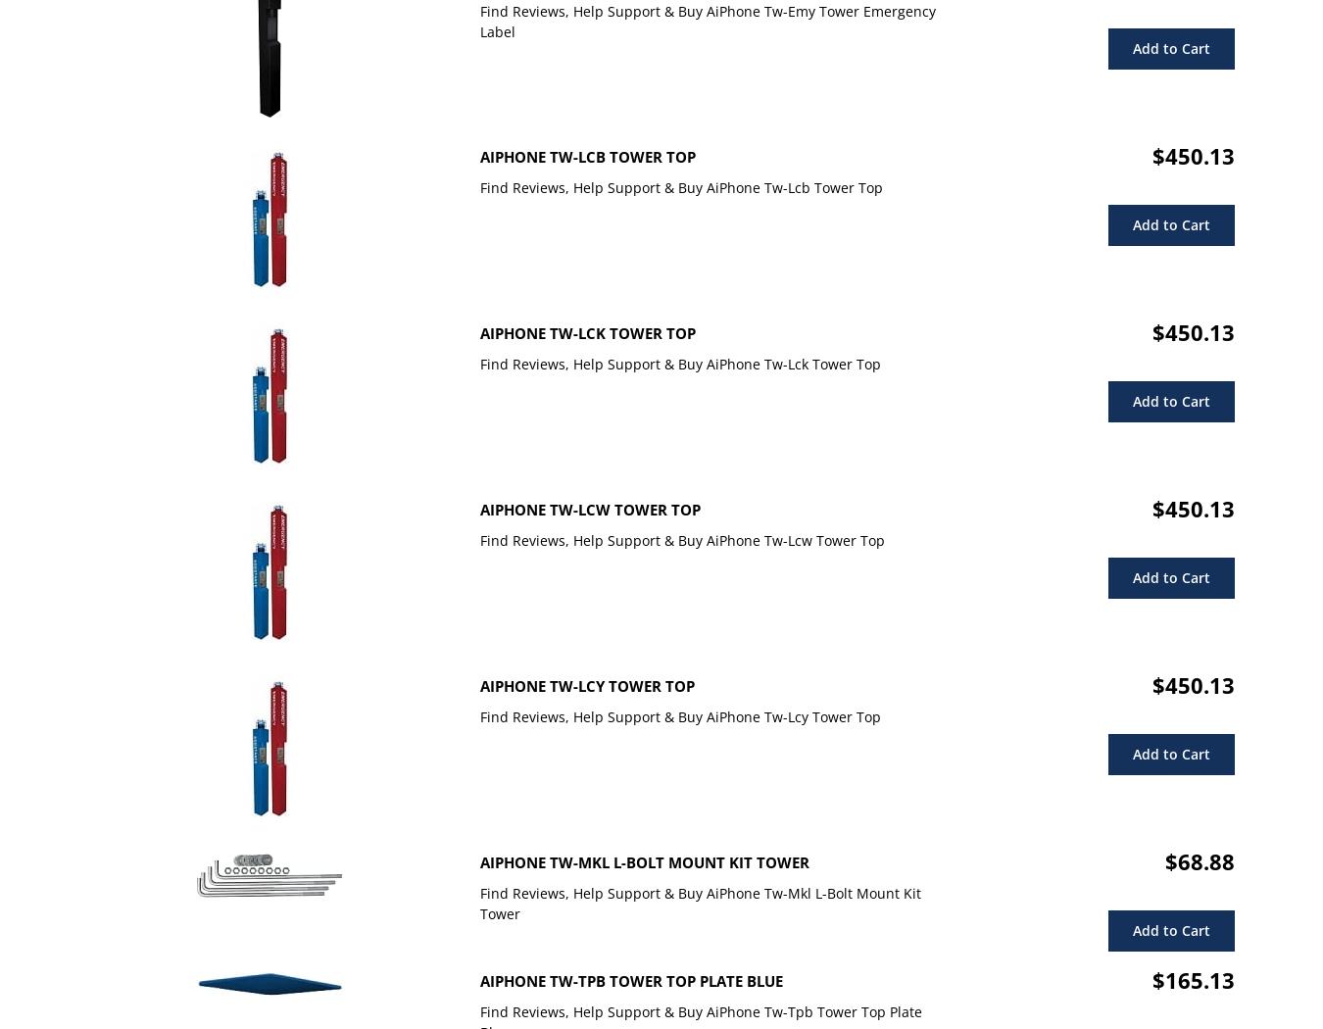 Image resolution: width=1323 pixels, height=1029 pixels. Describe the element at coordinates (699, 904) in the screenshot. I see `'Find Reviews, Help Support & Buy AiPhone Tw-Mkl L-Bolt Mount Kit Tower'` at that location.